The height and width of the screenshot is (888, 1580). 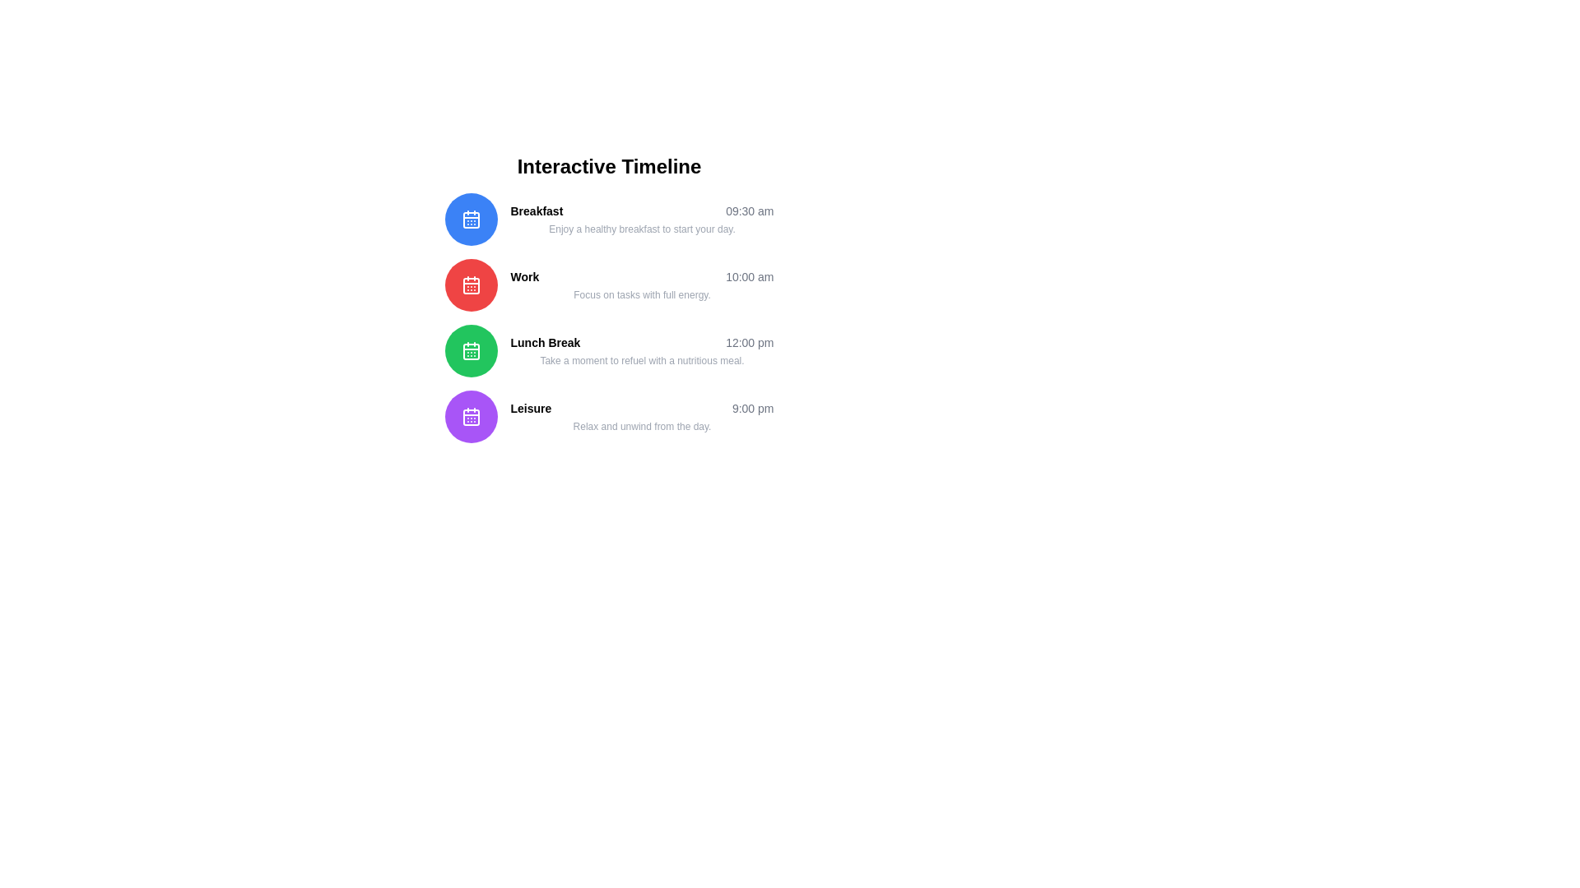 I want to click on time displayed in the small, left-aligned text label showing '9:00 pm' in gray font within the timeline interface under the 'Leisure' entry, so click(x=752, y=408).